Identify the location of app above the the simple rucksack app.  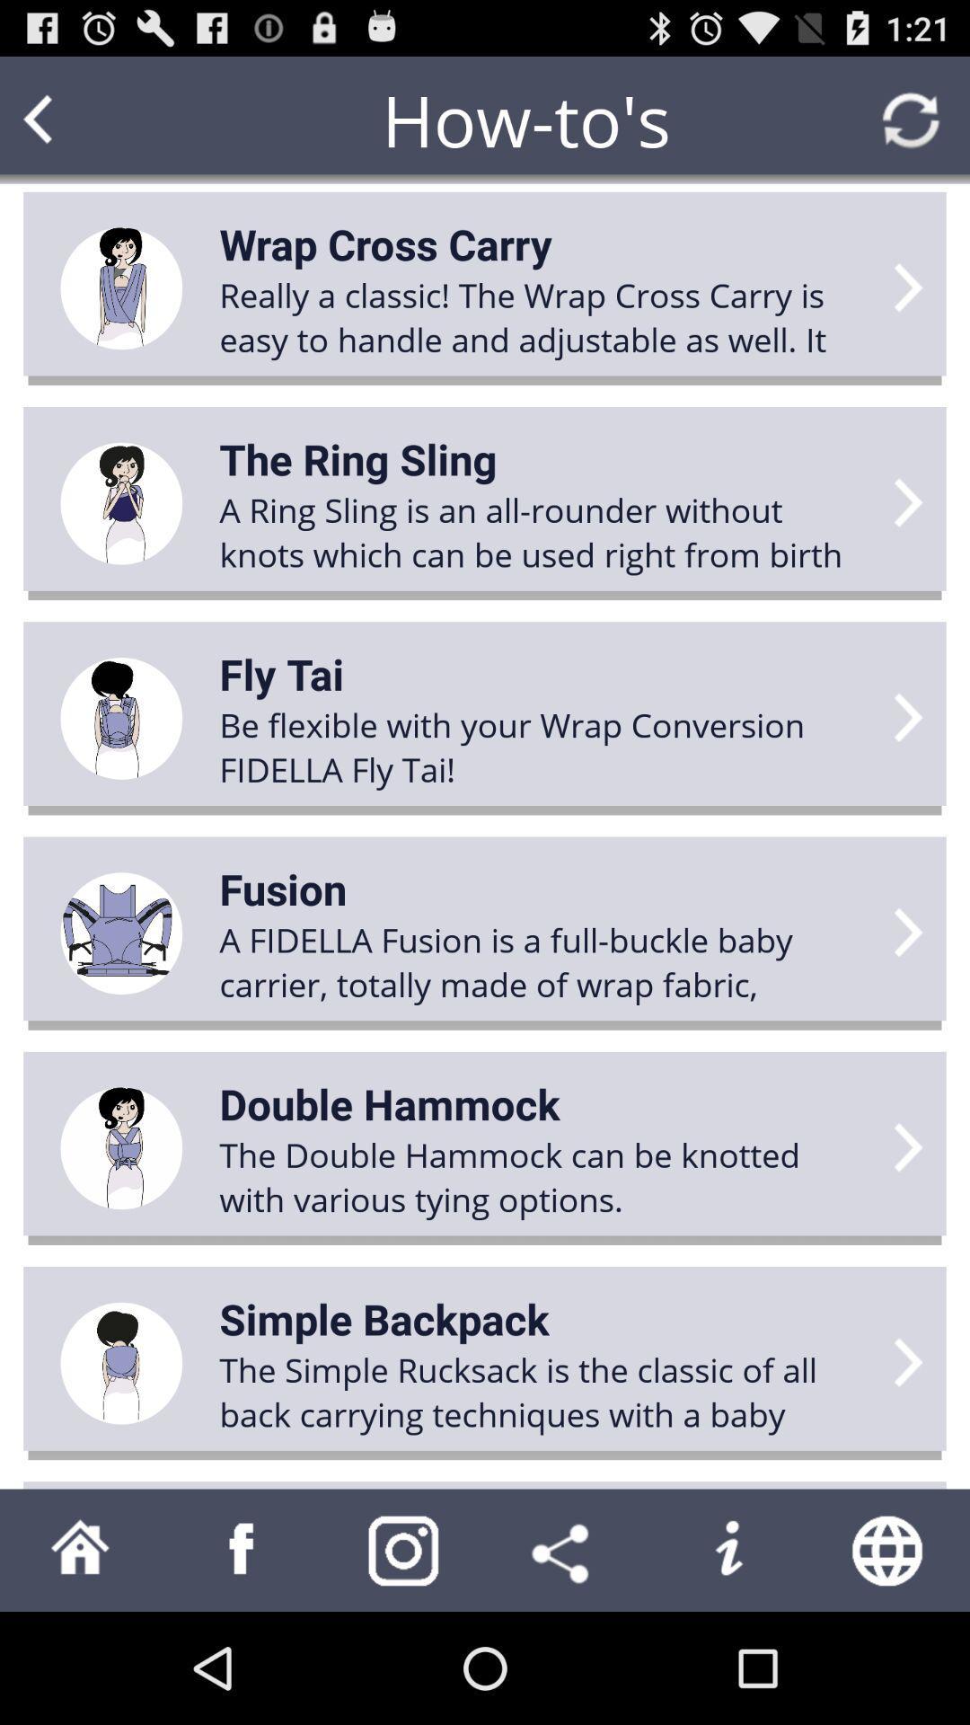
(384, 1319).